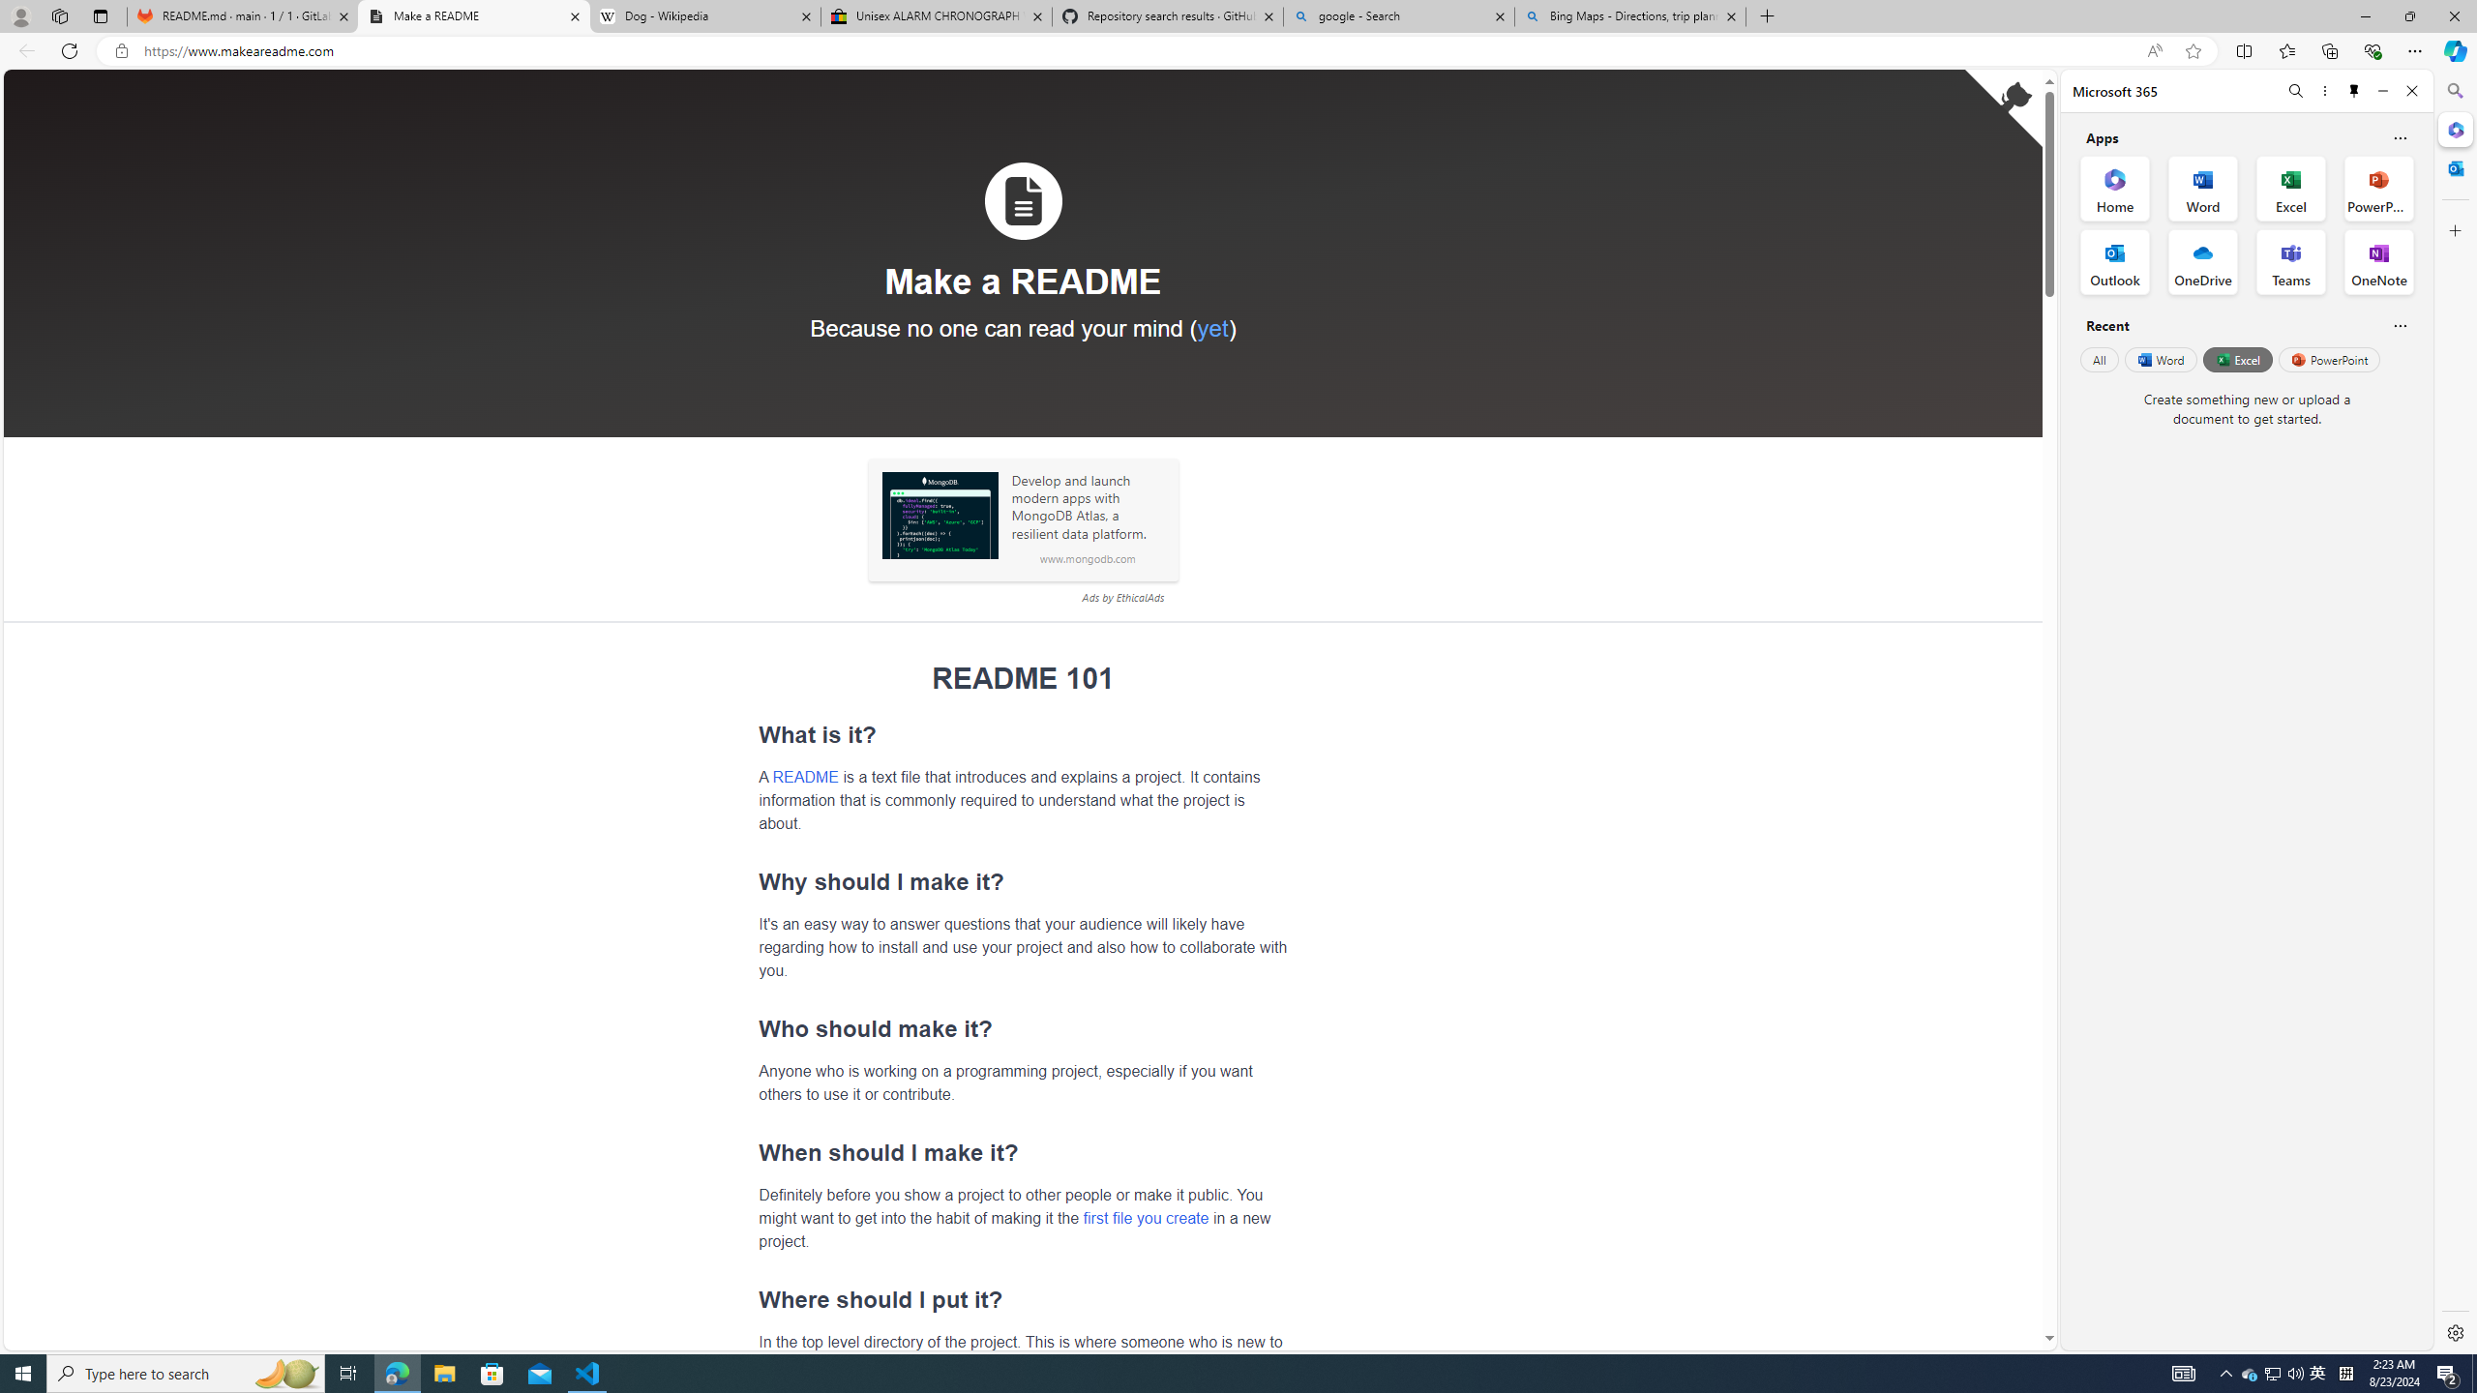 The image size is (2477, 1393). Describe the element at coordinates (705, 15) in the screenshot. I see `'Dog - Wikipedia'` at that location.